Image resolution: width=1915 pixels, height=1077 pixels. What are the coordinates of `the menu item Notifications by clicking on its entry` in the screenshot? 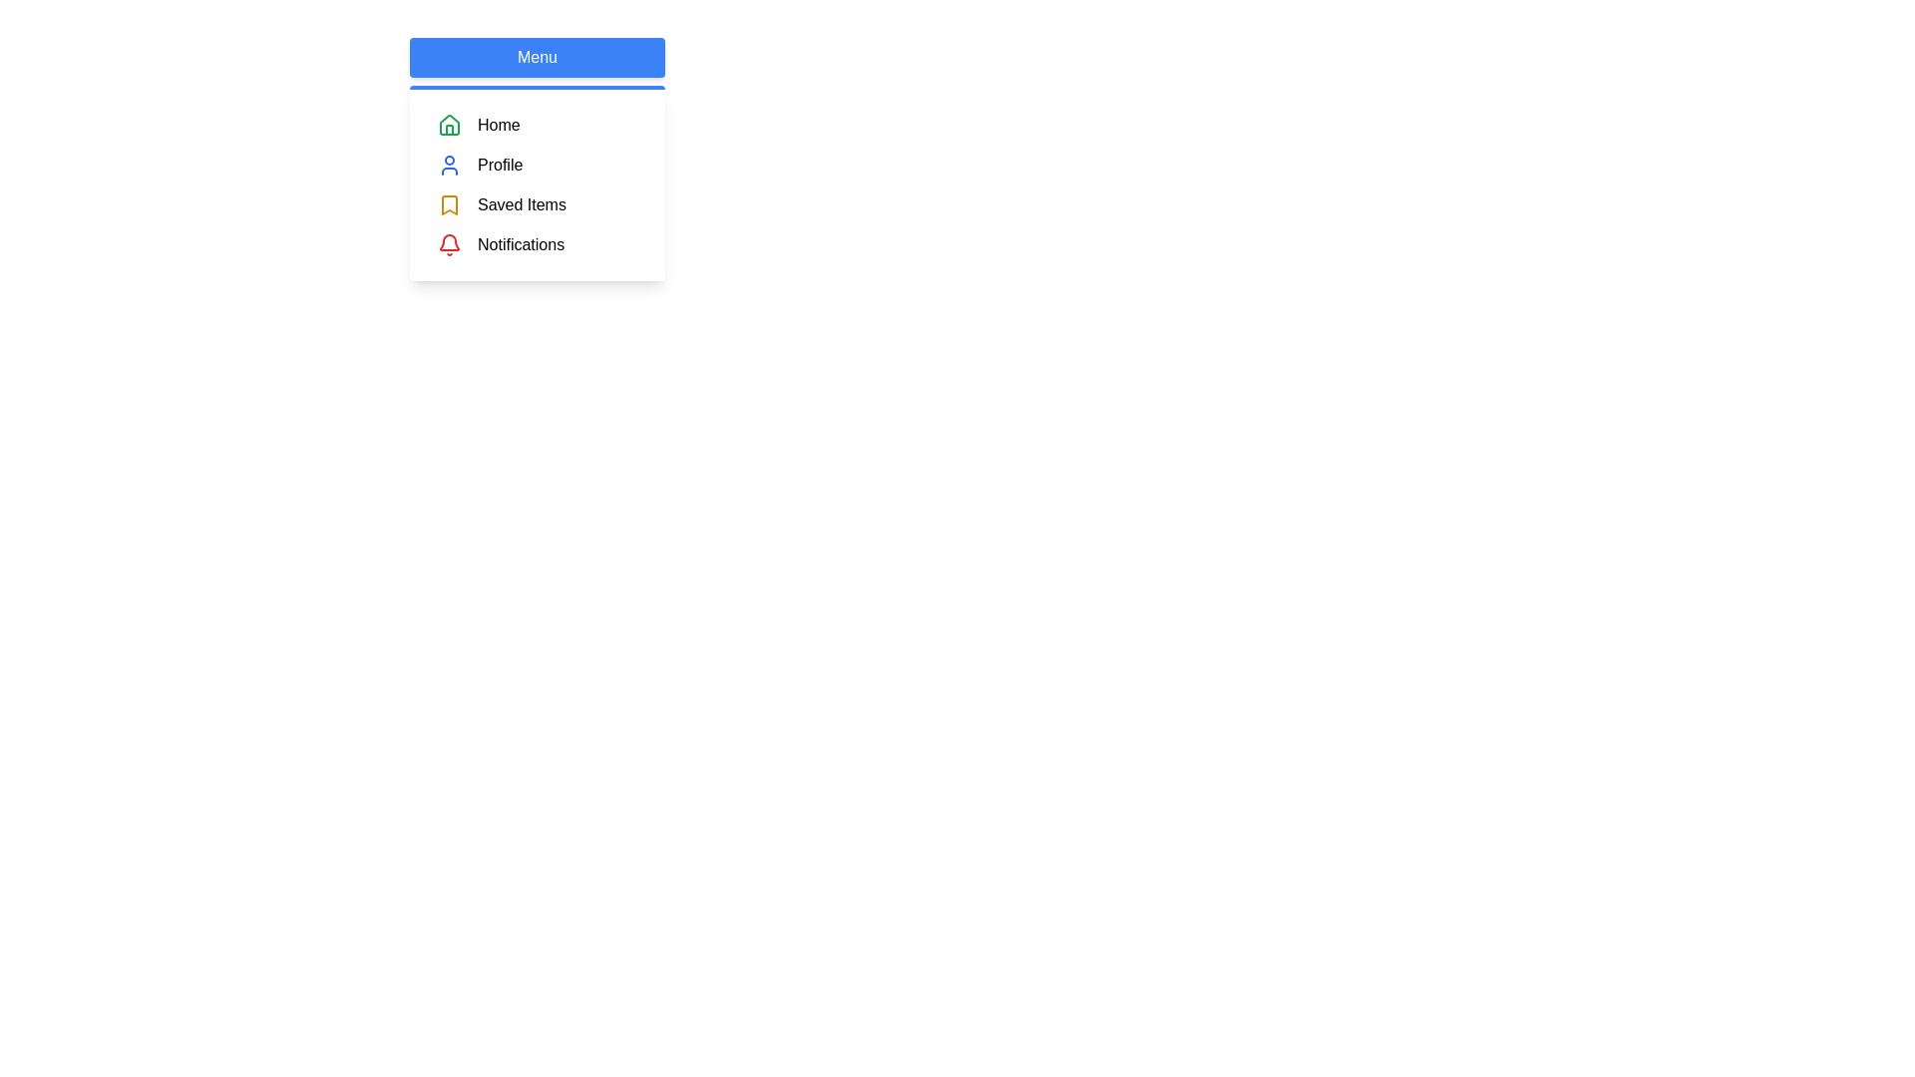 It's located at (537, 244).